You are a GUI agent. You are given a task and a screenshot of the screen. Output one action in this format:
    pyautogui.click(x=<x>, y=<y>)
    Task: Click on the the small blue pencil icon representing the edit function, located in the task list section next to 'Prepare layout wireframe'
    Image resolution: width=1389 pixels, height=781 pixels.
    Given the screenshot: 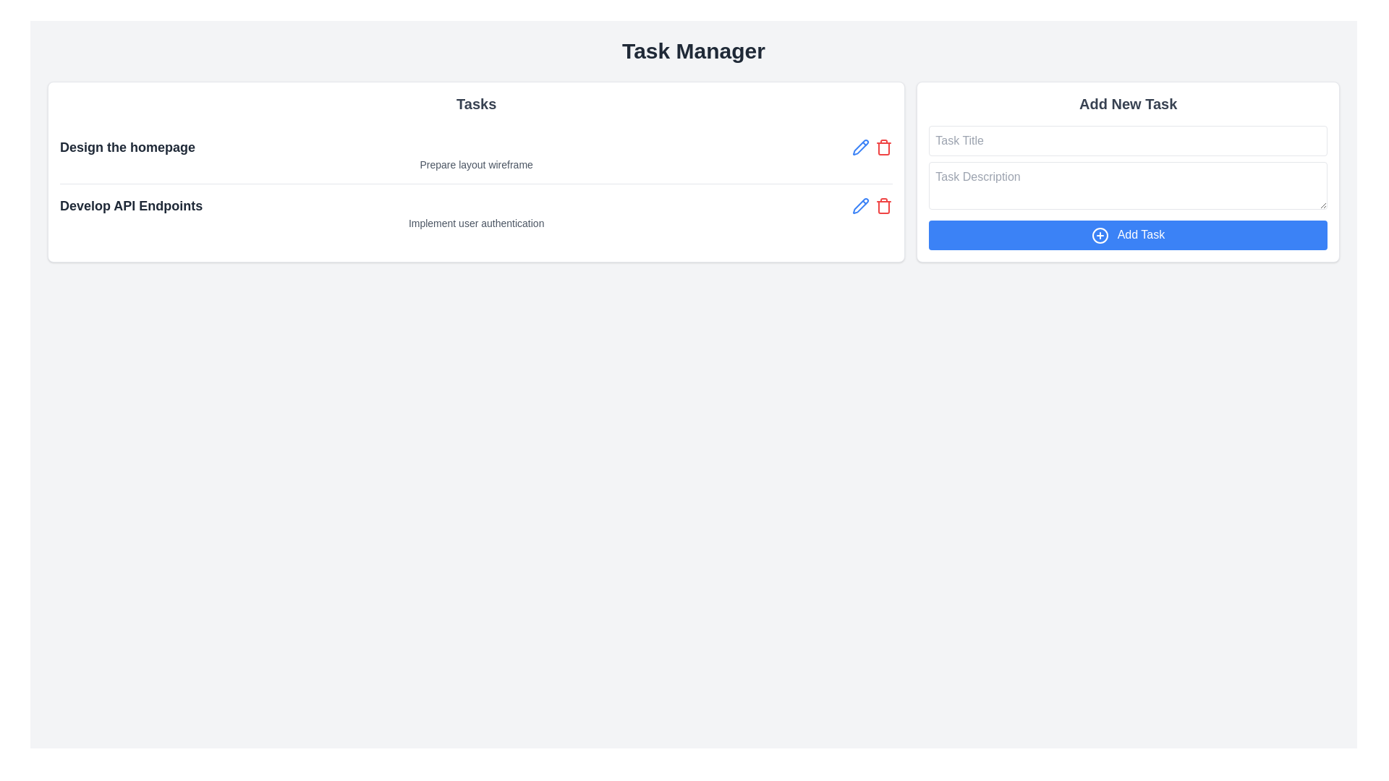 What is the action you would take?
    pyautogui.click(x=861, y=148)
    